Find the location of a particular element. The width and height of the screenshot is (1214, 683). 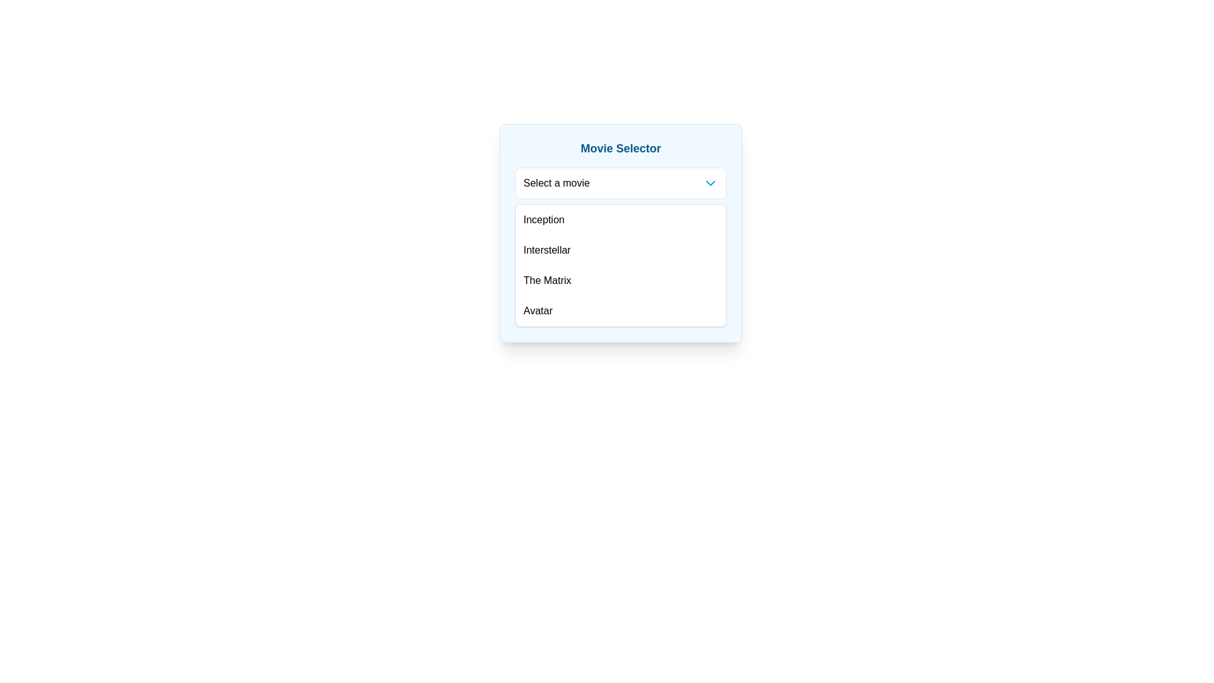

the dropdown menu labeled 'Select a movie' is located at coordinates (621, 183).